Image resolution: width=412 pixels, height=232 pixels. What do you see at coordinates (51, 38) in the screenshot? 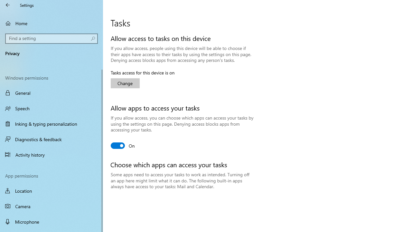
I see `'Search box, Find a setting'` at bounding box center [51, 38].